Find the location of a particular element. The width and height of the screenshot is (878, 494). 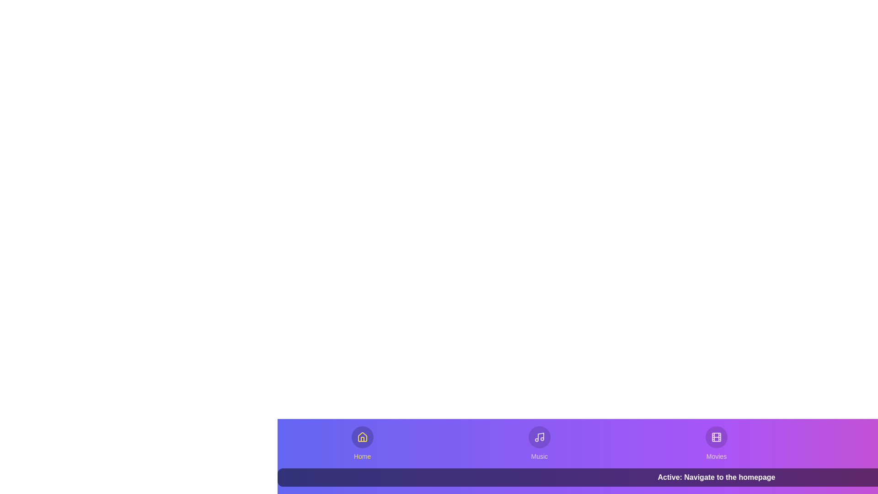

the Home tab from the bottom navigation bar is located at coordinates (362, 443).